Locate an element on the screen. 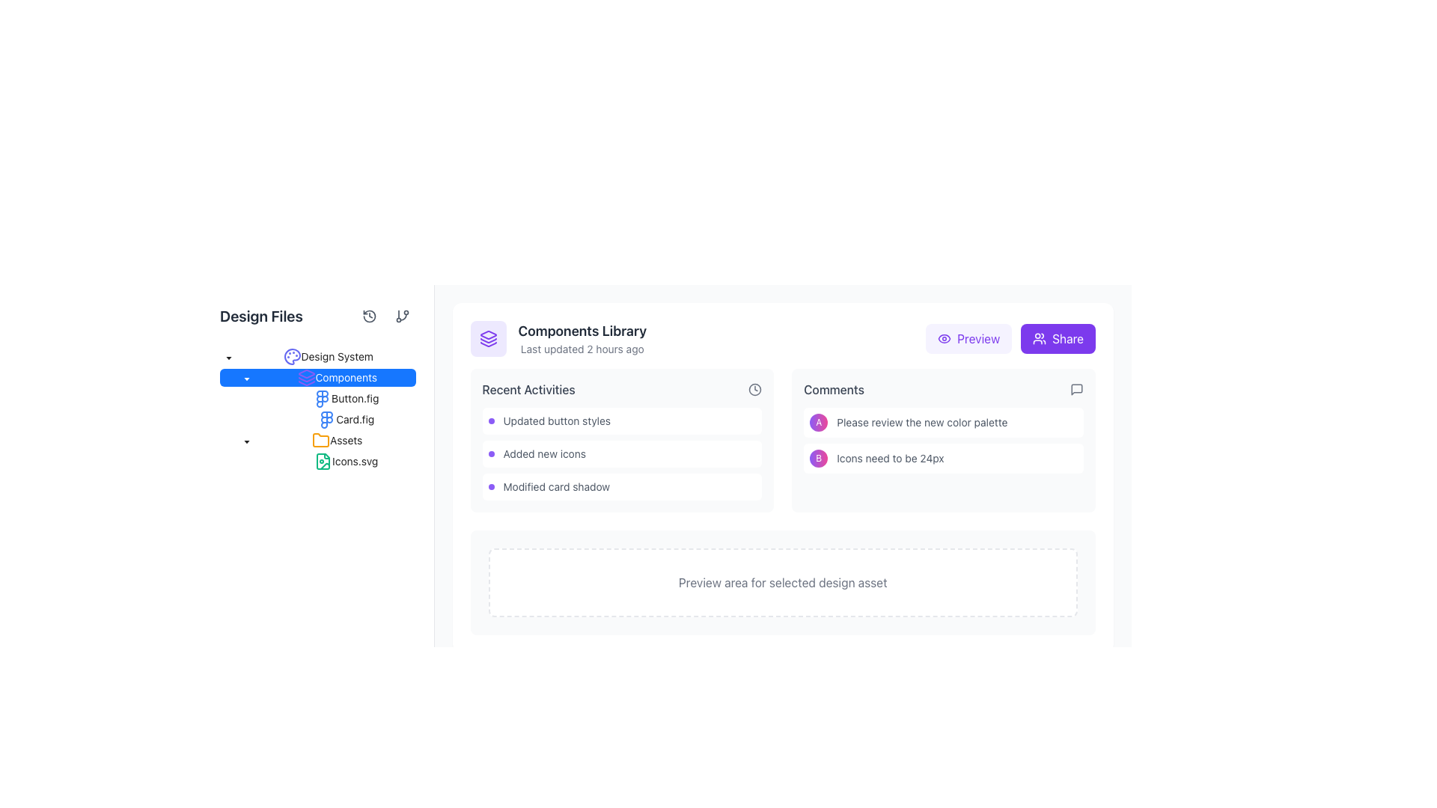 The height and width of the screenshot is (808, 1437). the icon representing the 'Button.fig' file in the left sidebar, located under the 'Components' folder is located at coordinates (322, 397).